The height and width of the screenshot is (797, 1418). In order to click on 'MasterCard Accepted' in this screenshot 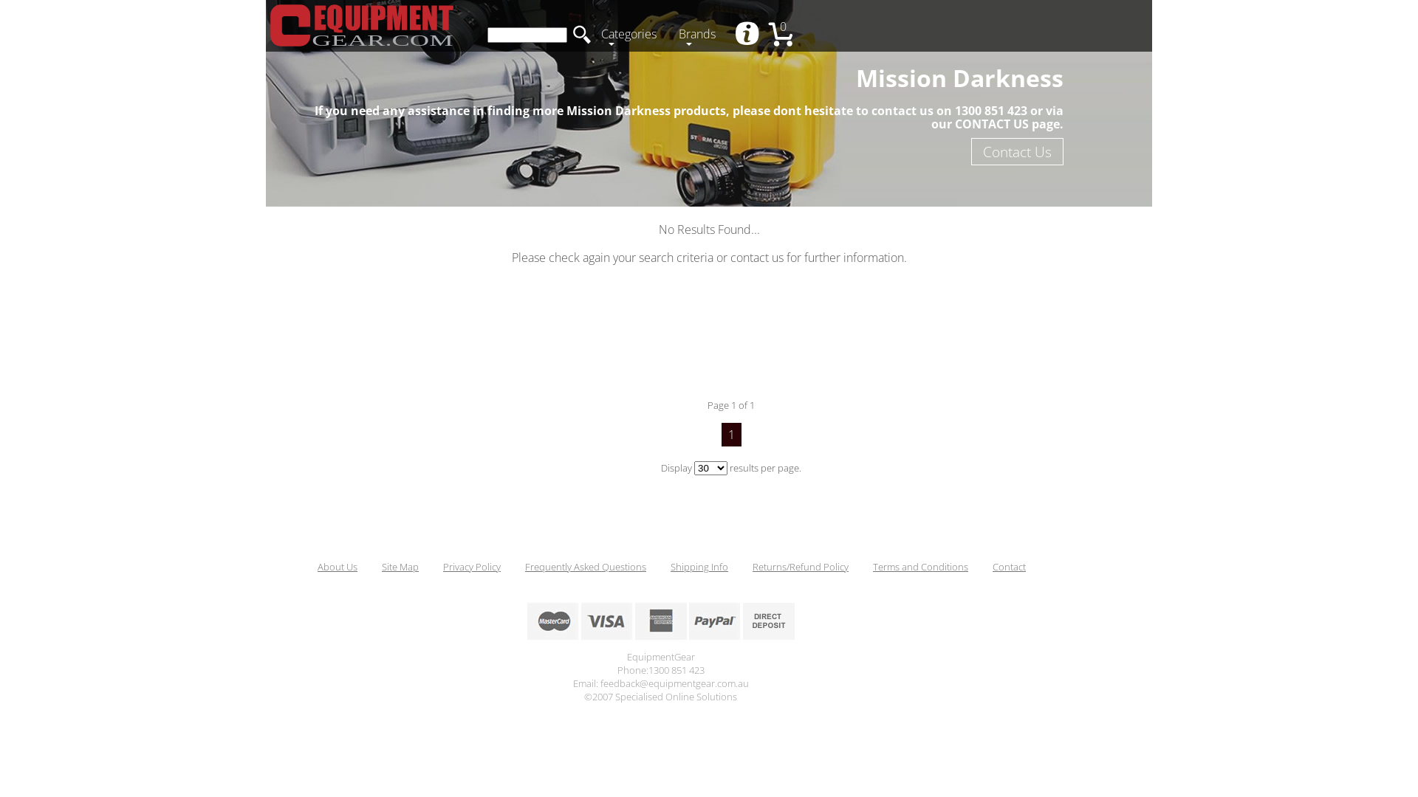, I will do `click(552, 621)`.